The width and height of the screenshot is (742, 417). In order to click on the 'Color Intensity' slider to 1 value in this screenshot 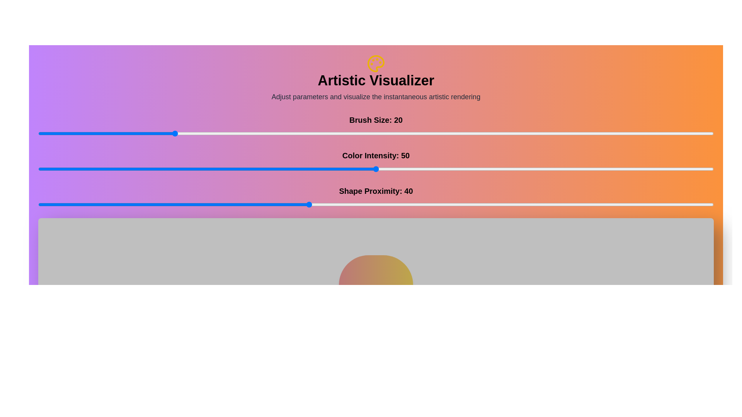, I will do `click(44, 169)`.